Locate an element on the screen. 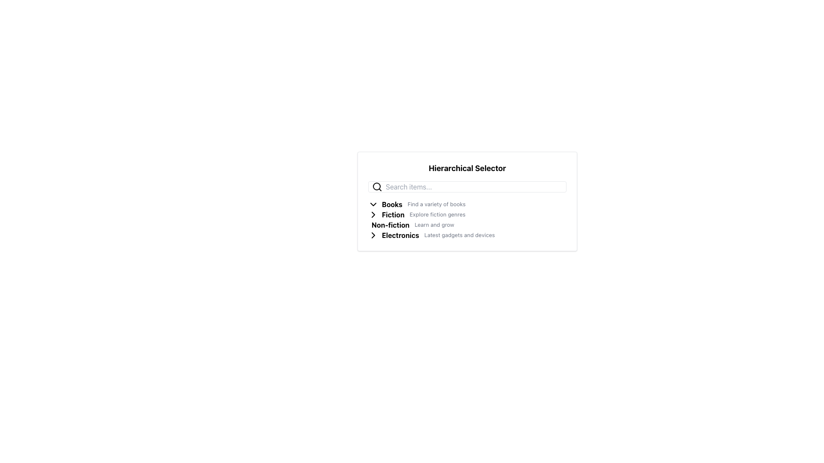 This screenshot has width=824, height=463. the 'Fiction' text label, which is a bold label aligned to the left within a list, positioned under the 'Books' category is located at coordinates (393, 214).